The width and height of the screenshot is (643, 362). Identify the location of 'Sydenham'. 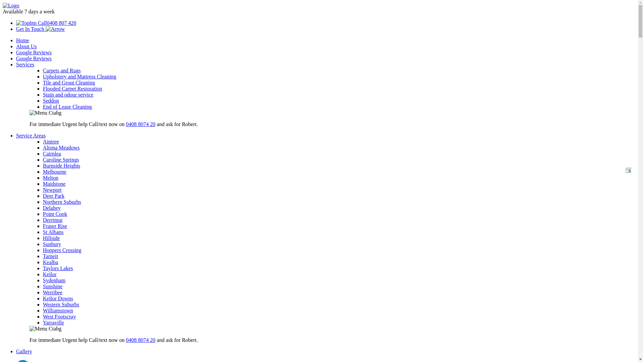
(43, 280).